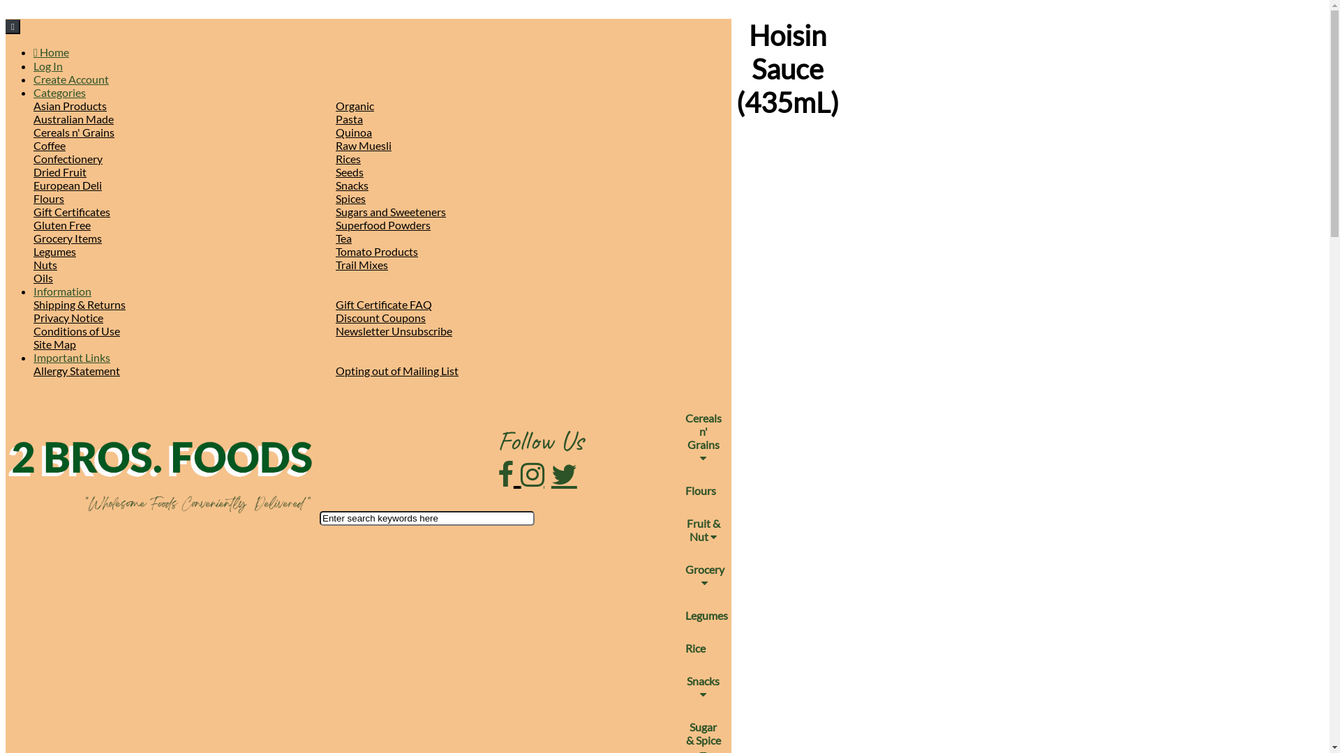  What do you see at coordinates (676, 575) in the screenshot?
I see `'Grocery'` at bounding box center [676, 575].